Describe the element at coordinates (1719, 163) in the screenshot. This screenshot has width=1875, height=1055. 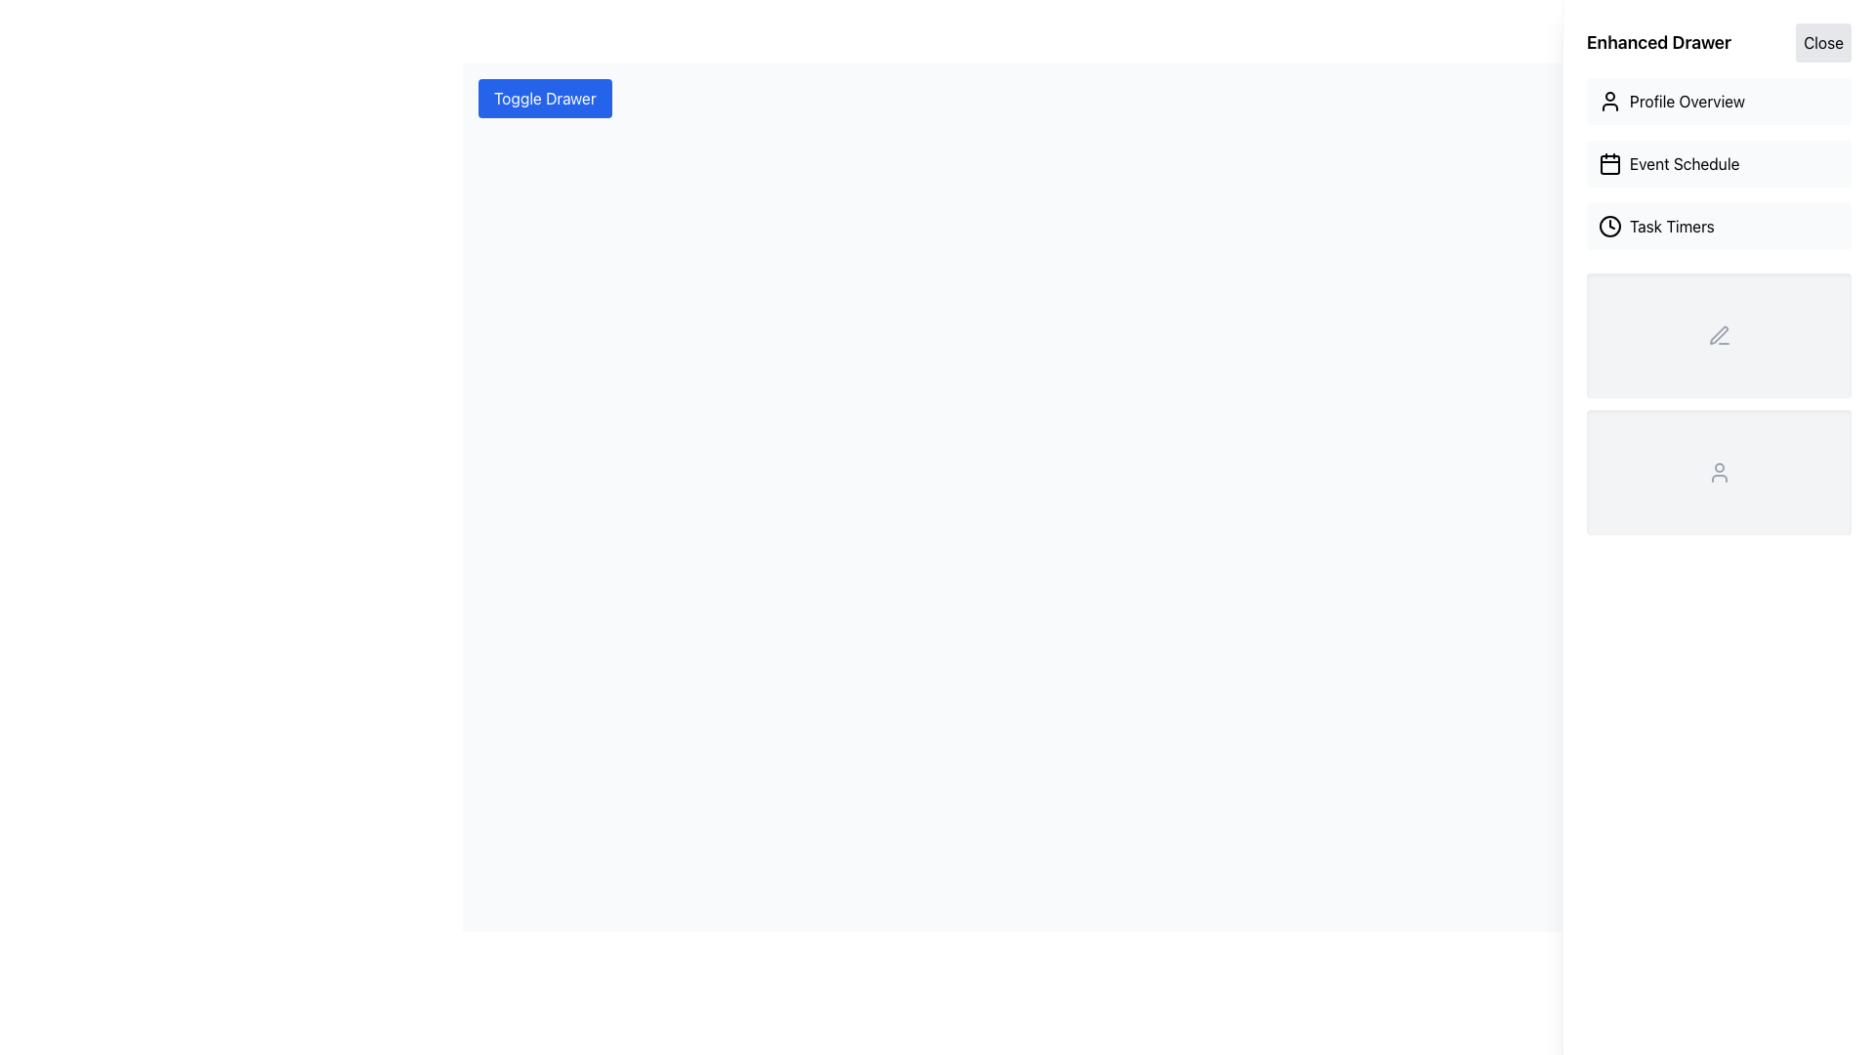
I see `the navigational button that redirects to the 'Event Schedule' section, located below 'Profile Overview' and above 'Task Timers' in the sidebar drawer` at that location.